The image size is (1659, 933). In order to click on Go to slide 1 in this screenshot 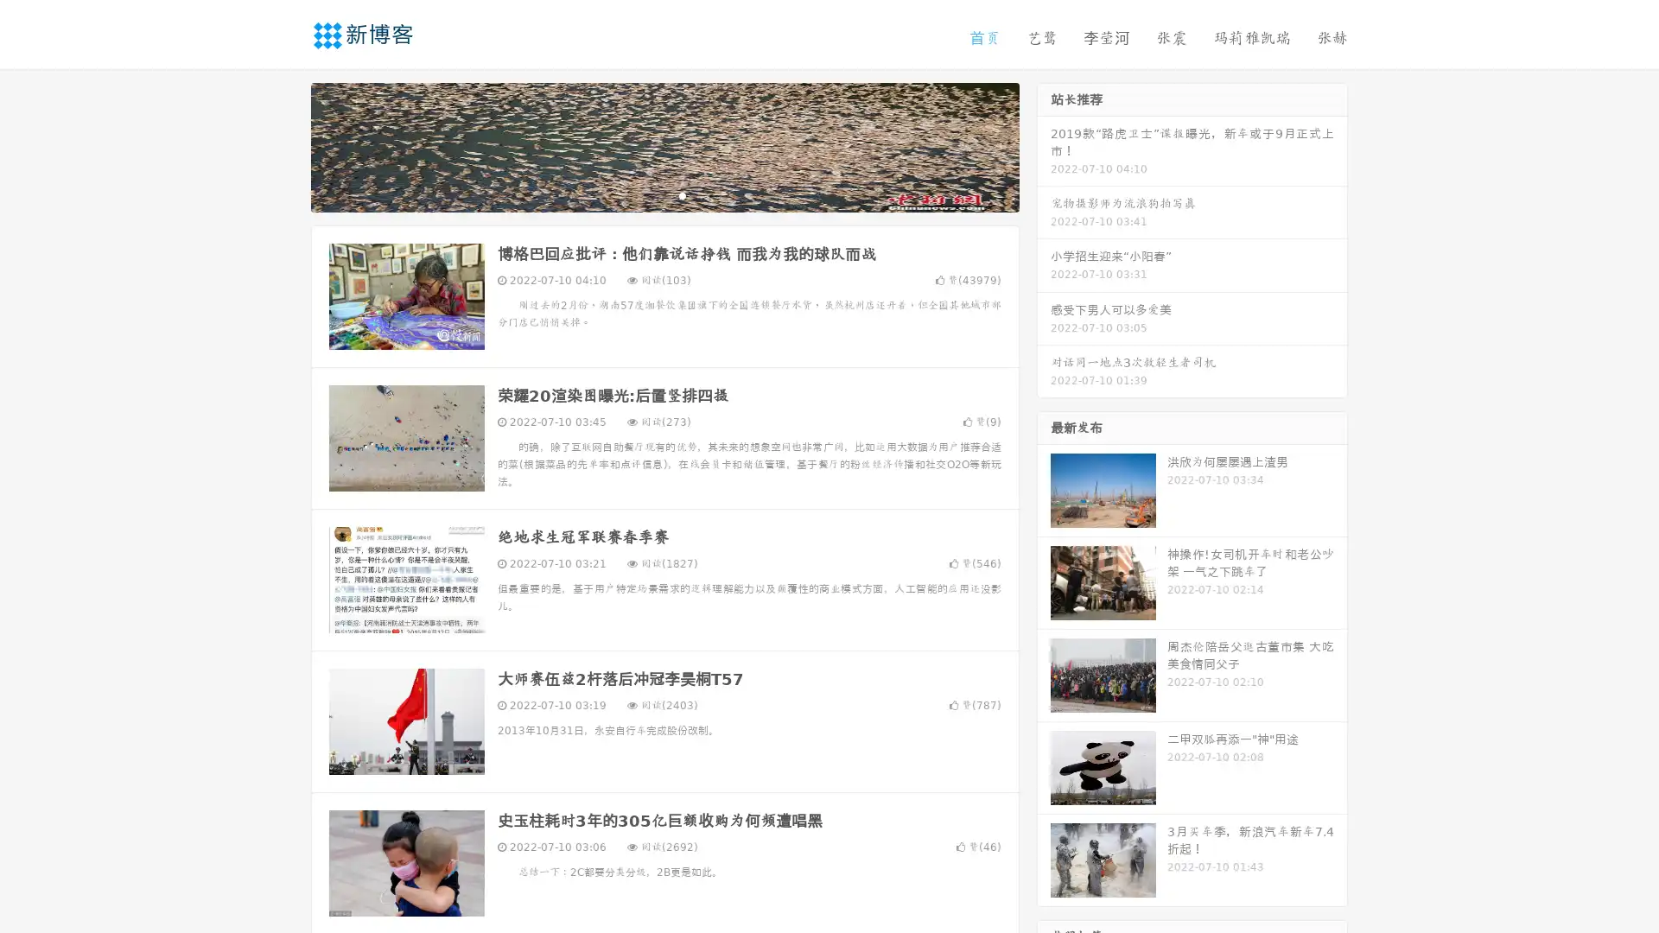, I will do `click(646, 194)`.